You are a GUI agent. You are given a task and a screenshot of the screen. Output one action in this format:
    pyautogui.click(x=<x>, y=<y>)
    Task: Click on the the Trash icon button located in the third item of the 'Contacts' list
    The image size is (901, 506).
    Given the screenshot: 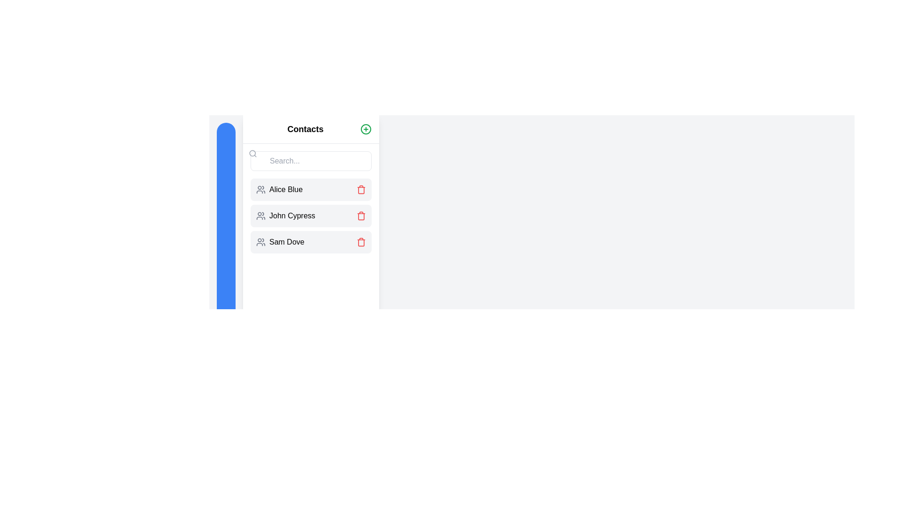 What is the action you would take?
    pyautogui.click(x=360, y=242)
    